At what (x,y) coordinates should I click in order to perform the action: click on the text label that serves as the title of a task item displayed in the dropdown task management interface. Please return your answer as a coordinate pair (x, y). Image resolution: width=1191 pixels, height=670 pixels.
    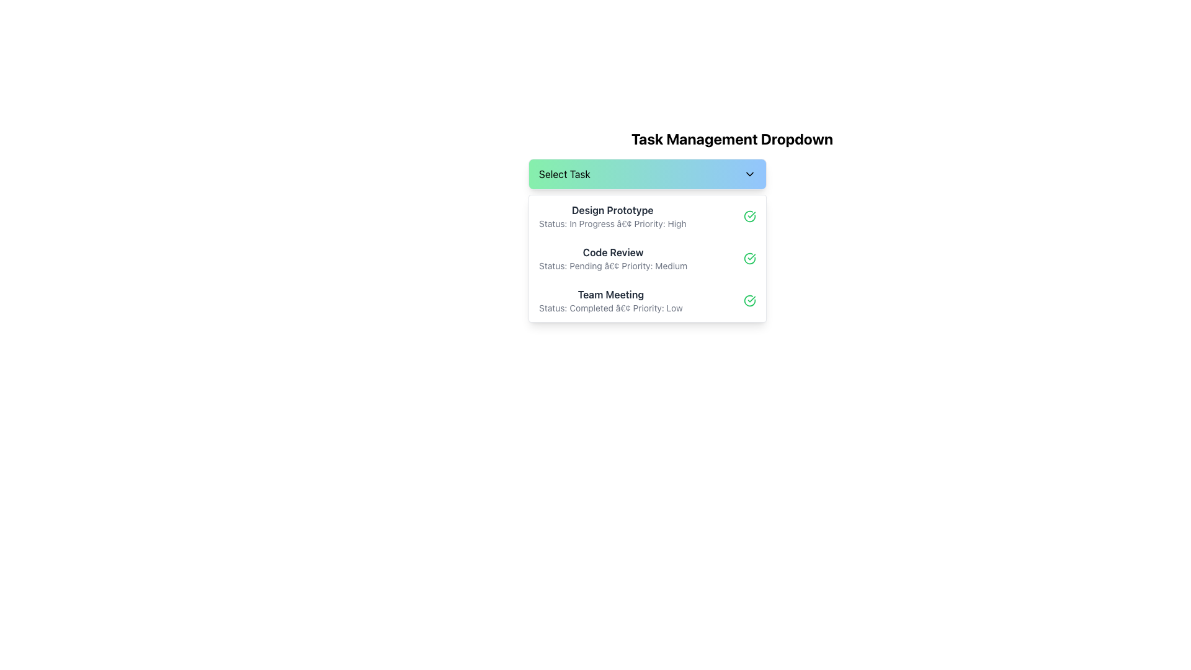
    Looking at the image, I should click on (612, 210).